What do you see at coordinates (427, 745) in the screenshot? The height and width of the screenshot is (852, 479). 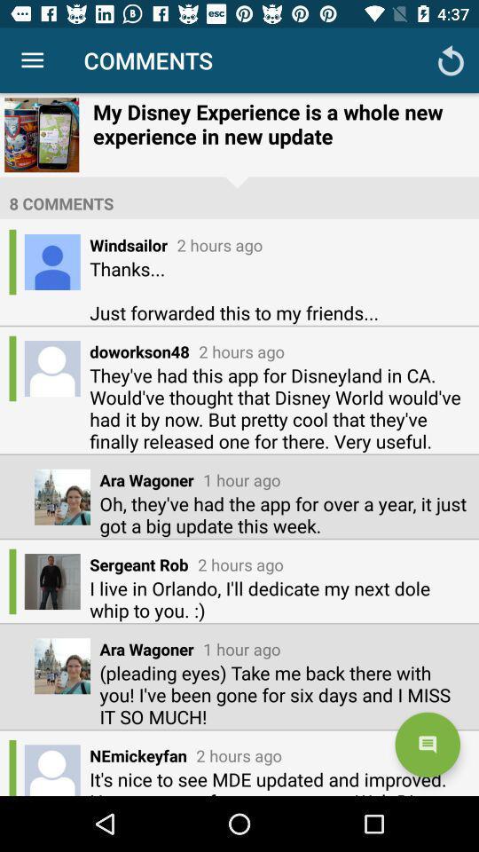 I see `the chat icon` at bounding box center [427, 745].